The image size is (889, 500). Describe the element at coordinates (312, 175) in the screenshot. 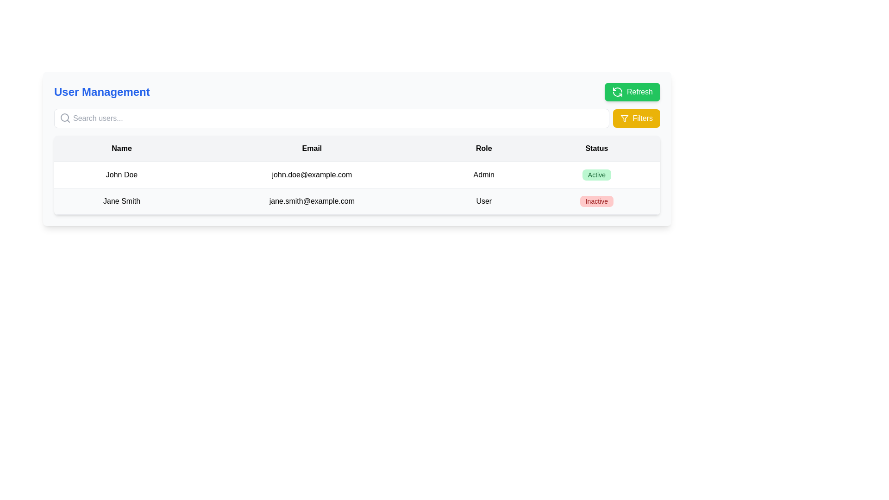

I see `the email address display text label located in the second column of the first row within the table-like structure` at that location.